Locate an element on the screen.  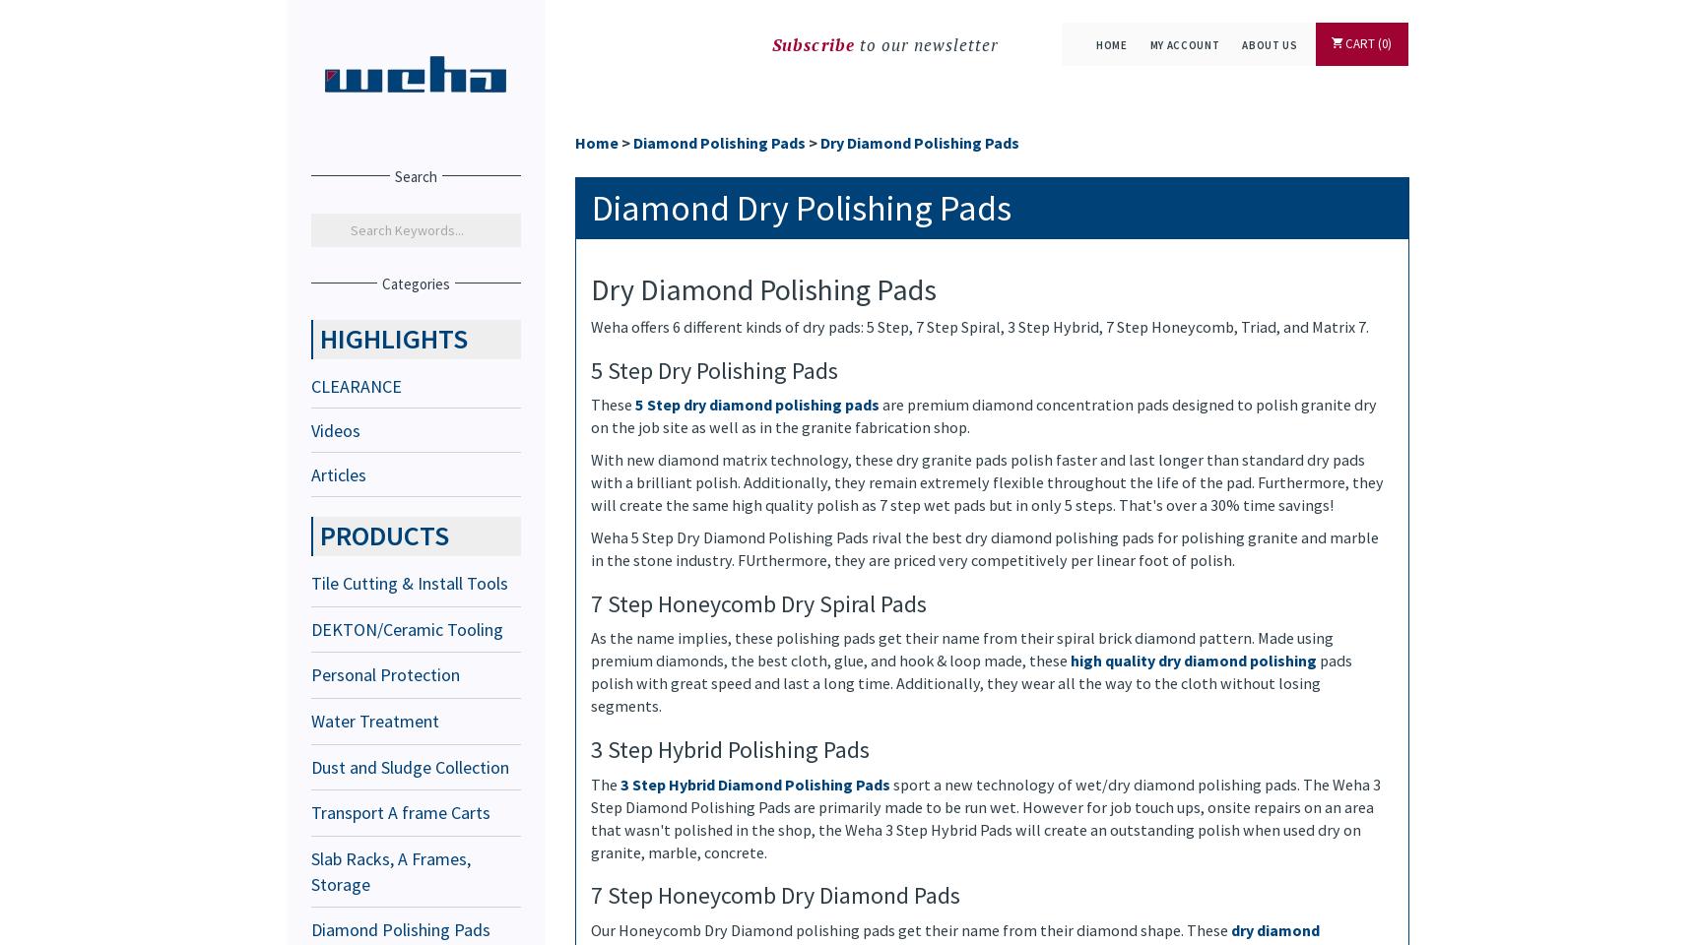
'7 Step Honeycomb Dry Diamond Pads' is located at coordinates (774, 895).